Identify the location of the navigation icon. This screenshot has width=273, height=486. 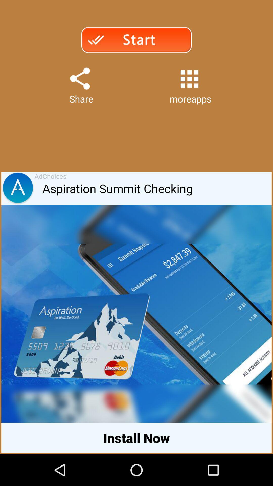
(17, 201).